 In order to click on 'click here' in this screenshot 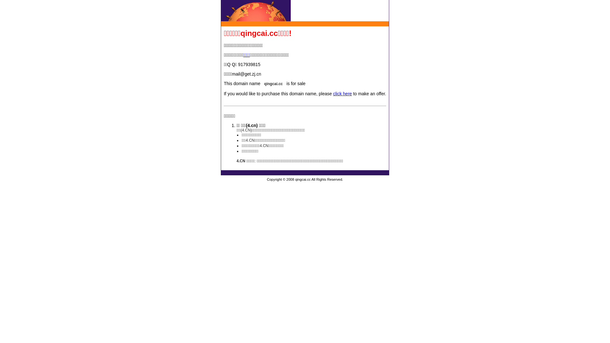, I will do `click(342, 93)`.